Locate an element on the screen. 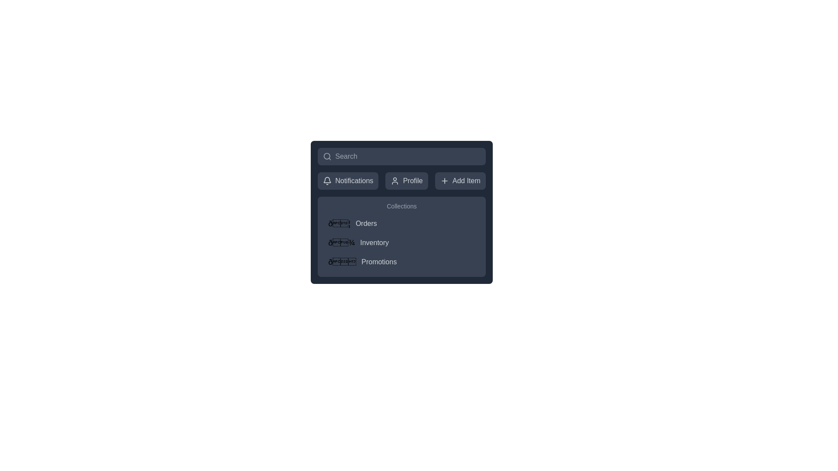 The width and height of the screenshot is (838, 471). the 'Add New Item' button located under the top navigation section, which is the third button from the left is located at coordinates (460, 181).